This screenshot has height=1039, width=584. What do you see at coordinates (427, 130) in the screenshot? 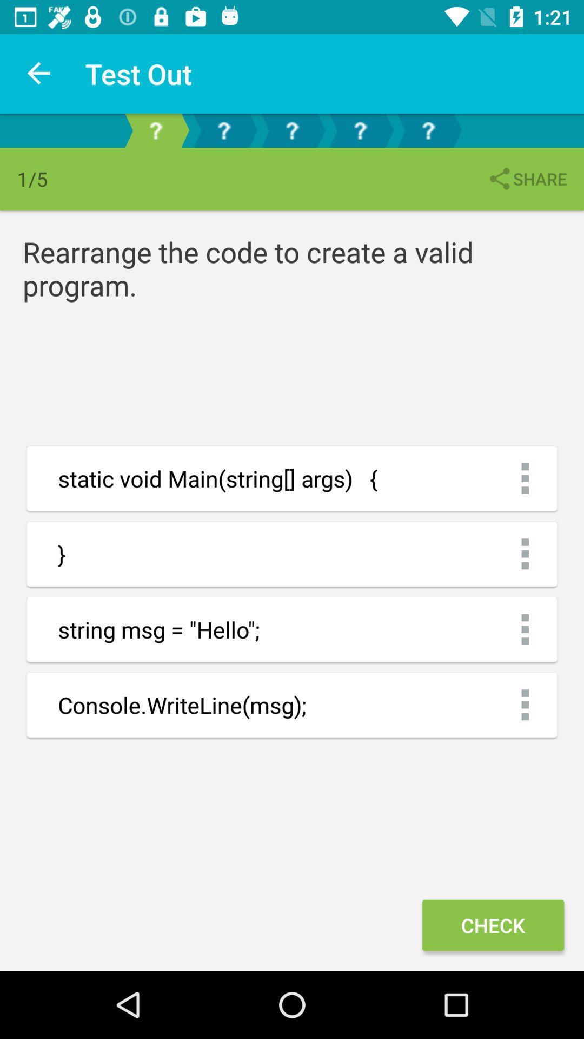
I see `the help icon` at bounding box center [427, 130].